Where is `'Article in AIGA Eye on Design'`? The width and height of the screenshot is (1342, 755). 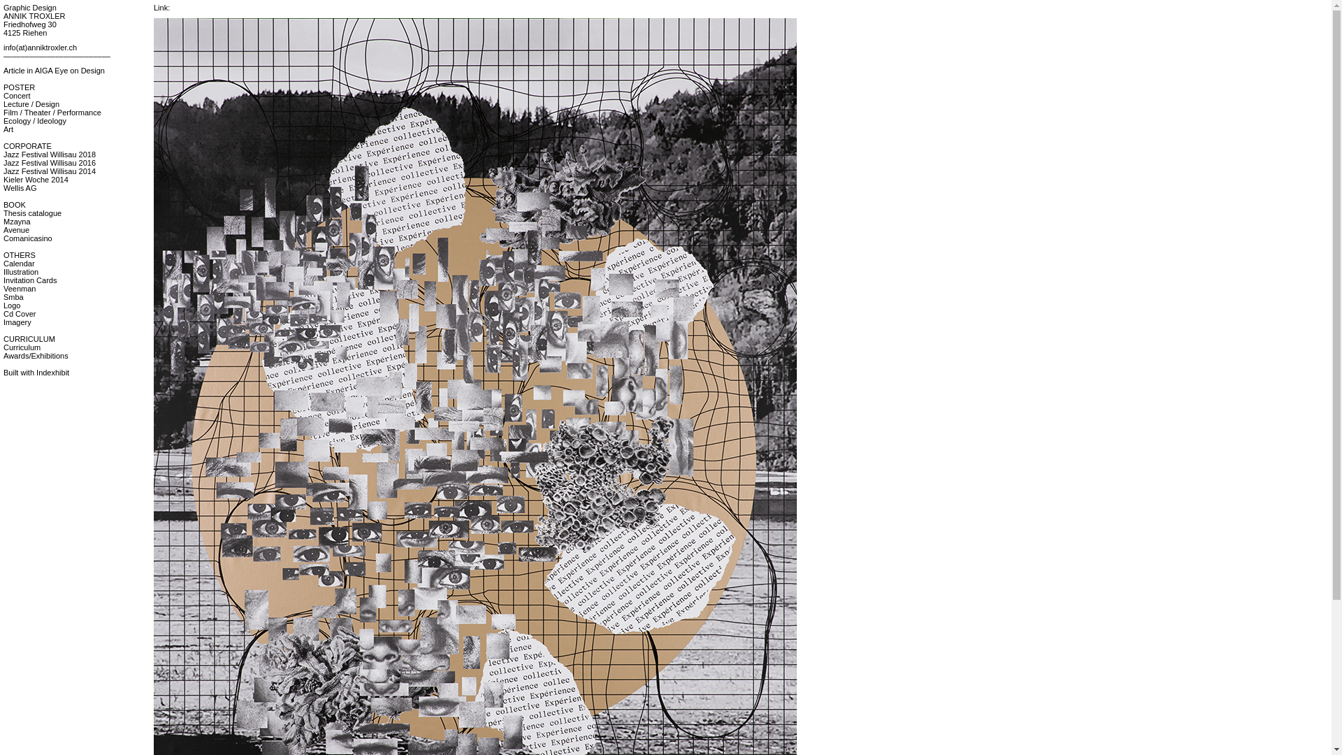
'Article in AIGA Eye on Design' is located at coordinates (3, 70).